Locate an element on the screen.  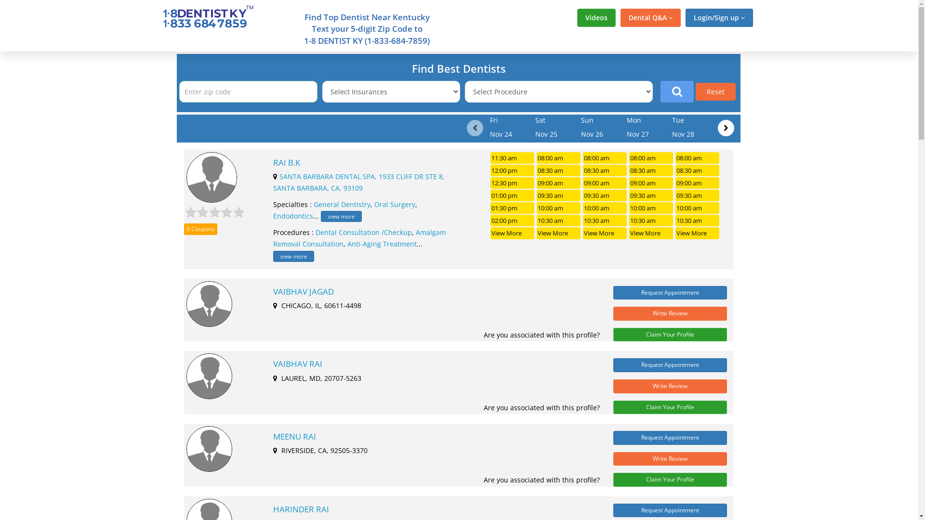
'Request Appointment' is located at coordinates (612, 292).